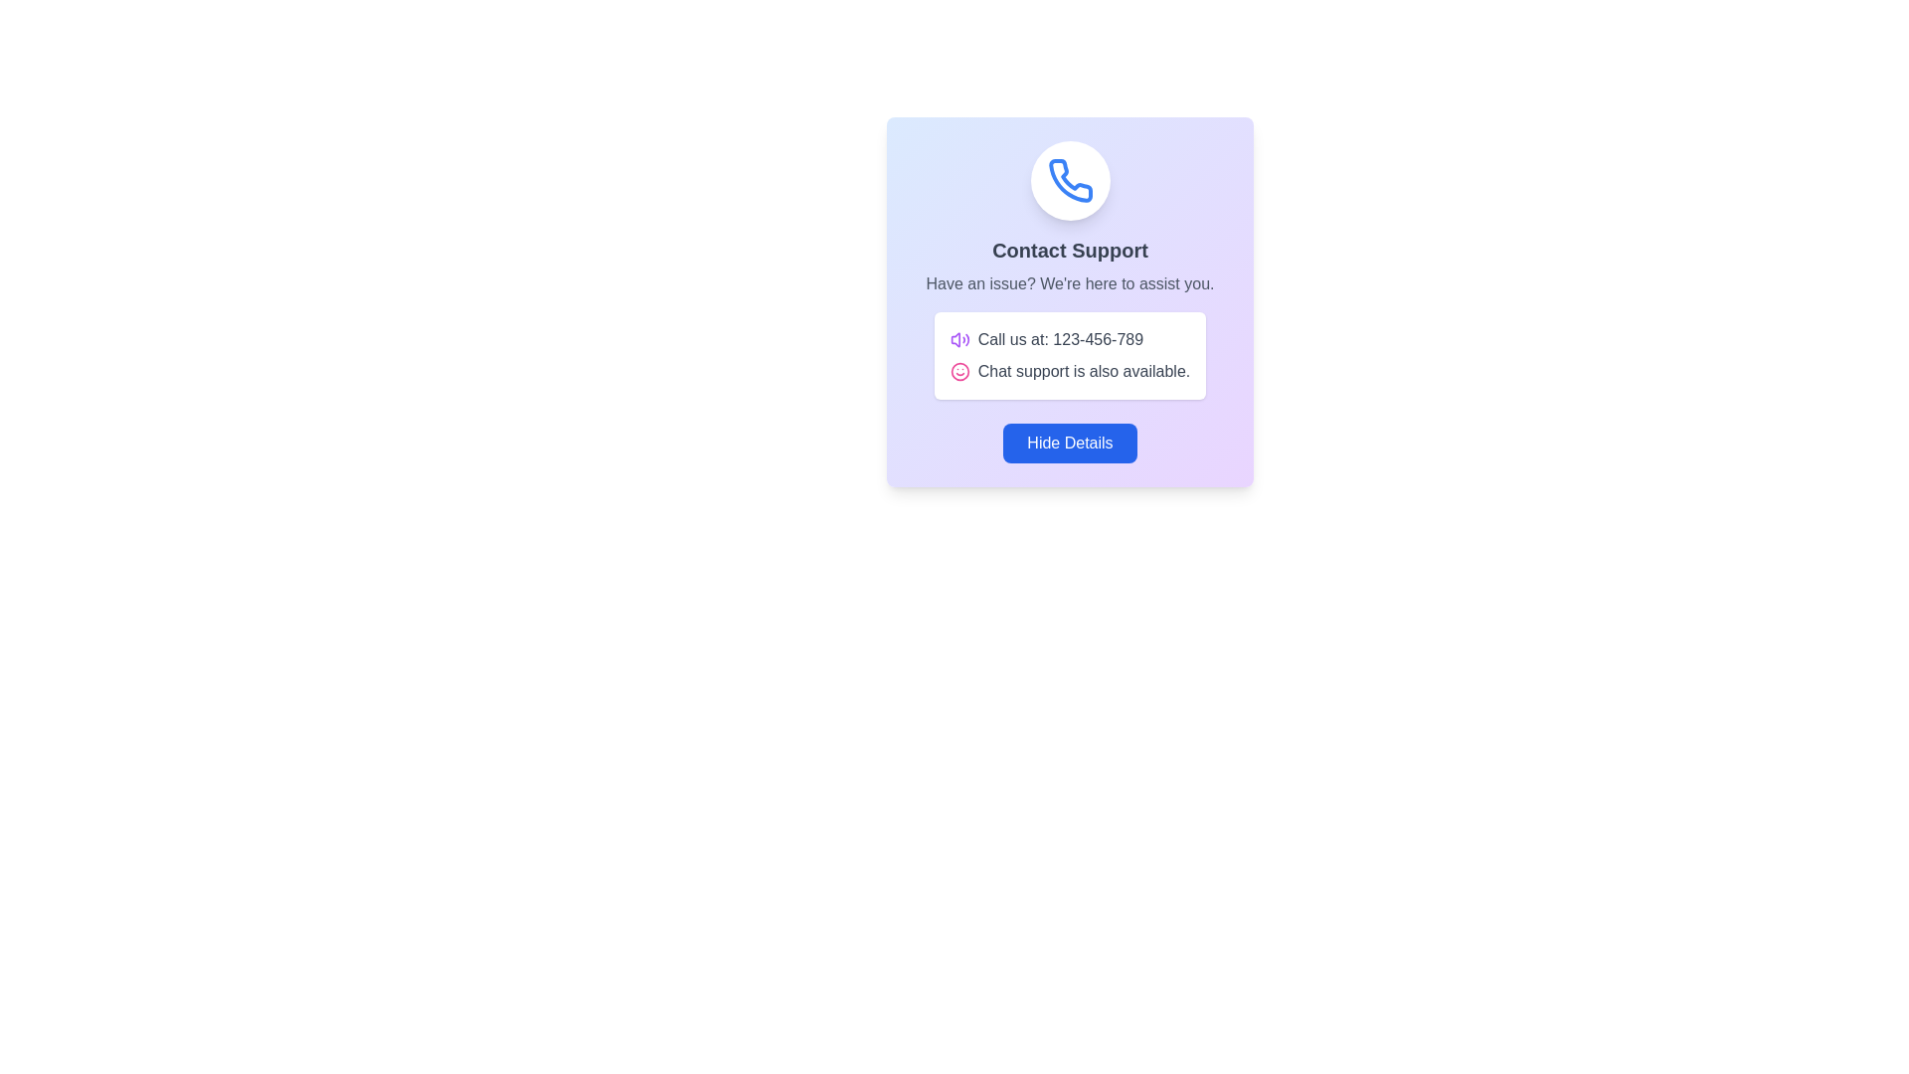  I want to click on the text label that states "Have an issue? We're here to assist you." which is styled in gray and located within the support information card, positioned below the title "Contact Support", so click(1069, 283).